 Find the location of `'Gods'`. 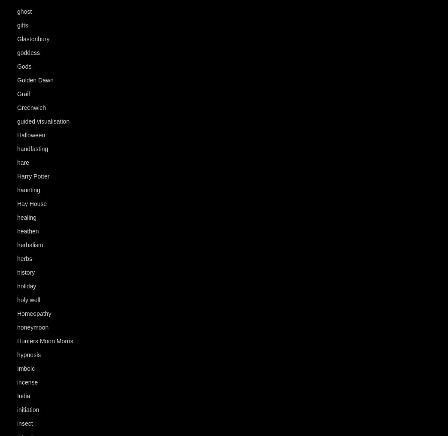

'Gods' is located at coordinates (24, 66).